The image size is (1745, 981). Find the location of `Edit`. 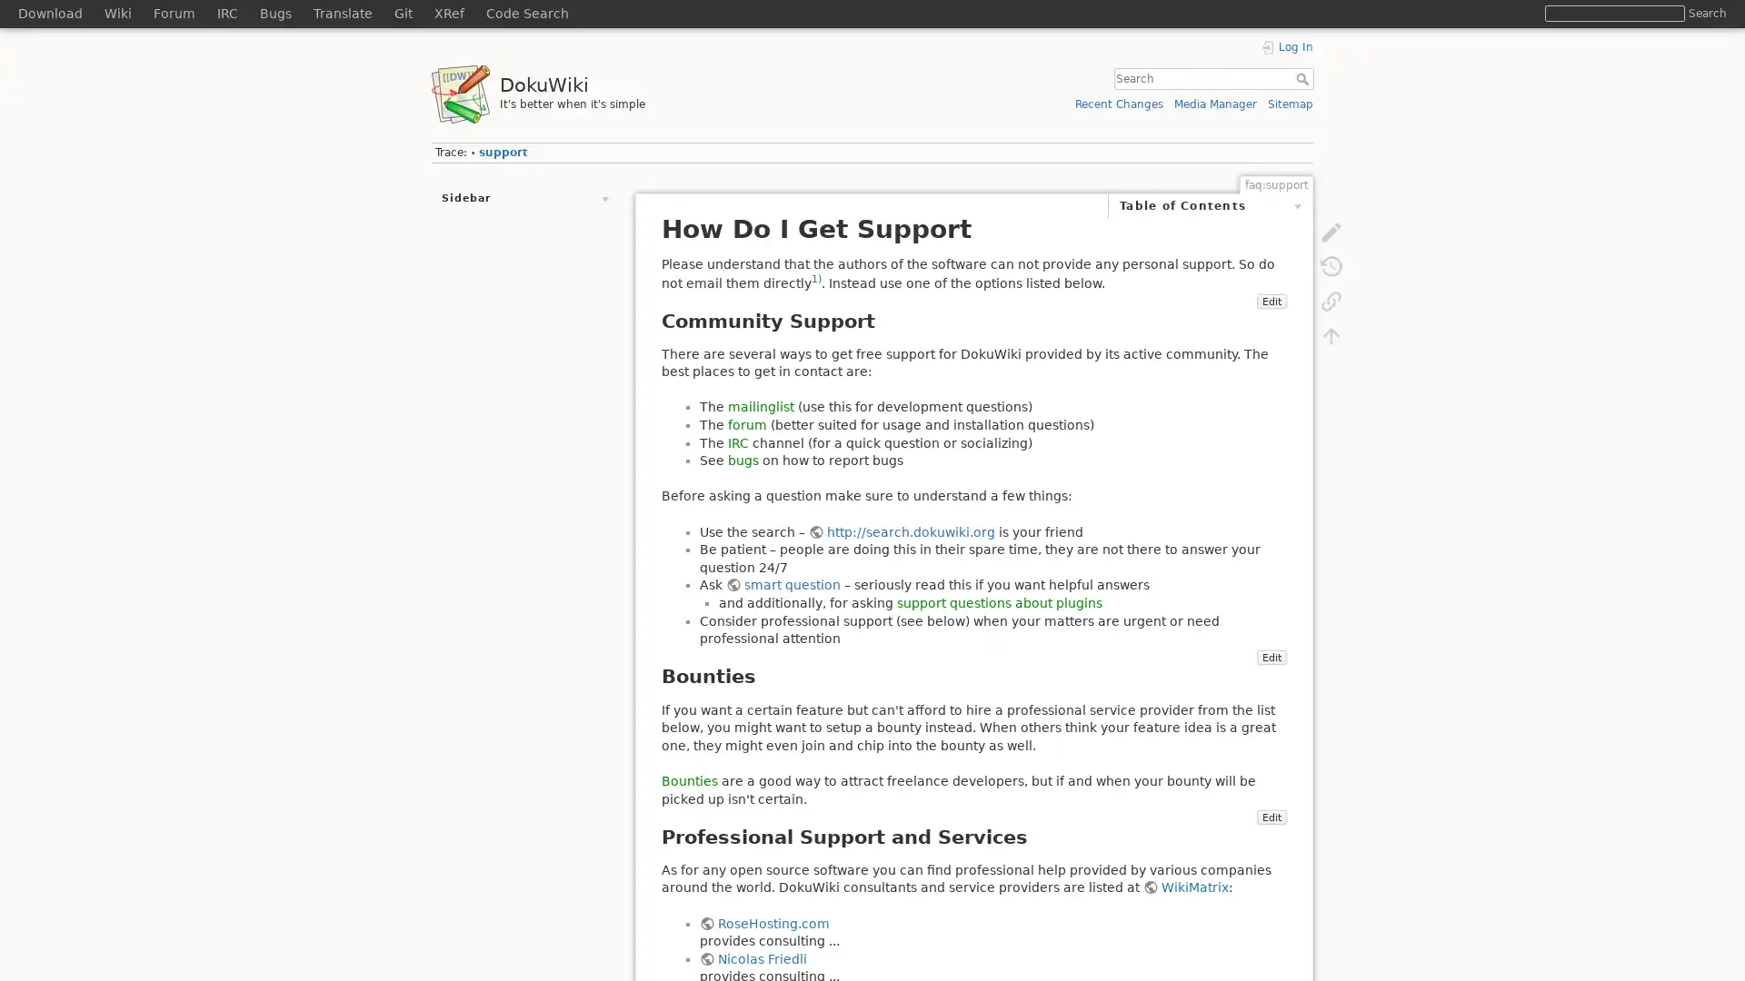

Edit is located at coordinates (1270, 834).